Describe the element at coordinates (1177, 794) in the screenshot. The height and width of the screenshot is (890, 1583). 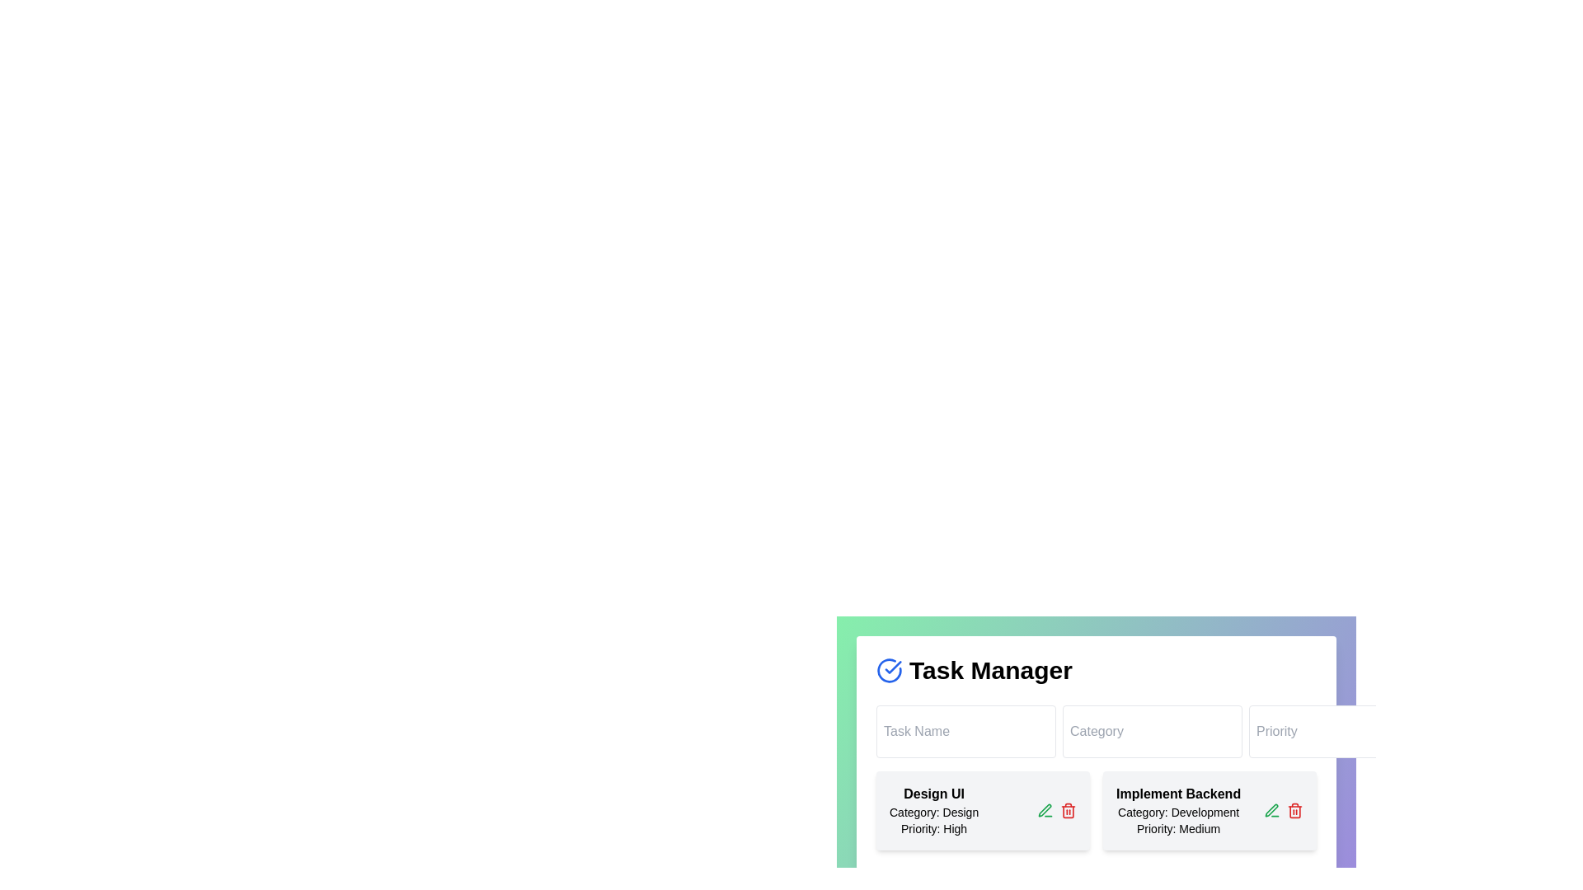
I see `the static text element displaying 'Implement Backend', which is located in the card component under the header 'Task Manager' and is the first text element before 'Category' and 'Priority'` at that location.